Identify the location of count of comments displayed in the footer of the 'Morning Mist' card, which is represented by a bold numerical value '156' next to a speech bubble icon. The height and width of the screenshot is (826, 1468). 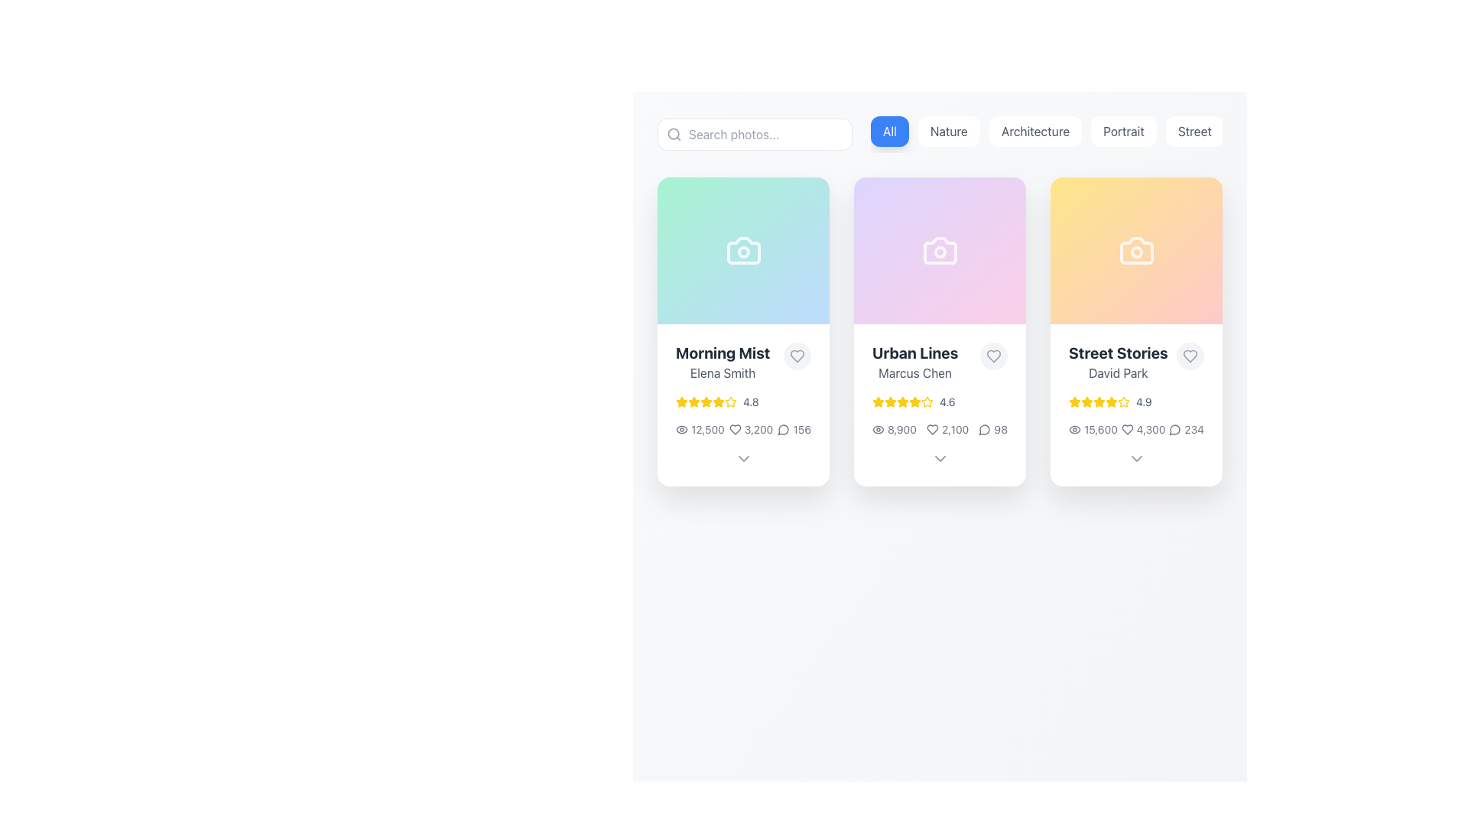
(794, 430).